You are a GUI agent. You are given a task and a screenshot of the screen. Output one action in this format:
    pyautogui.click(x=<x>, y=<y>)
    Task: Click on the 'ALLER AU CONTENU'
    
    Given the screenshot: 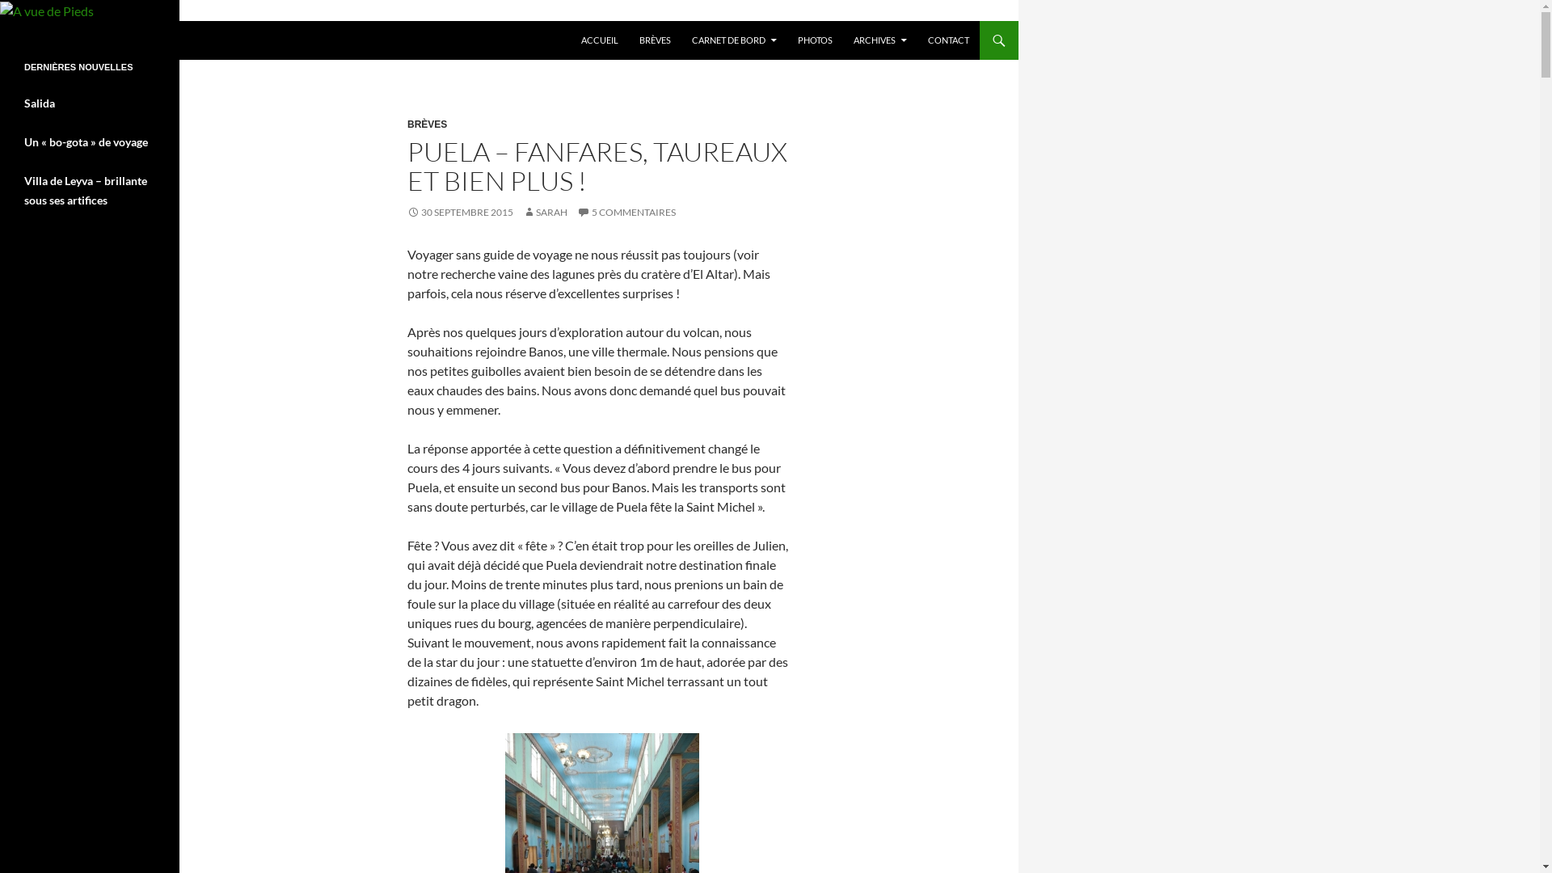 What is the action you would take?
    pyautogui.click(x=571, y=21)
    